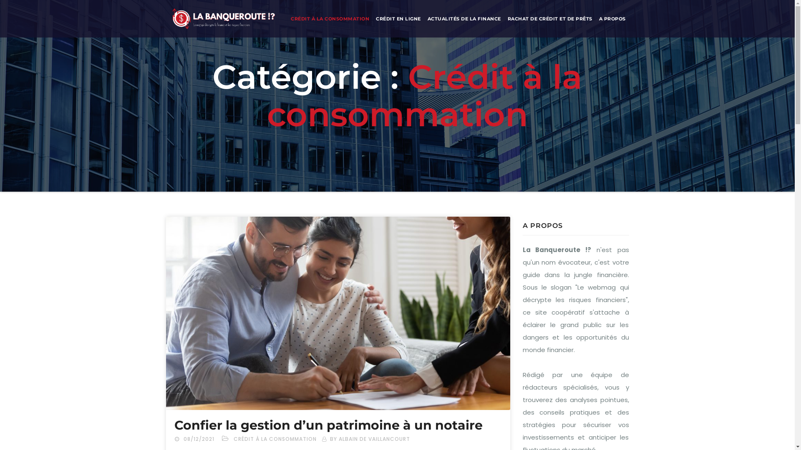 This screenshot has height=450, width=801. Describe the element at coordinates (320, 438) in the screenshot. I see `'BY ALBAIN DE VAILLANCOURT'` at that location.